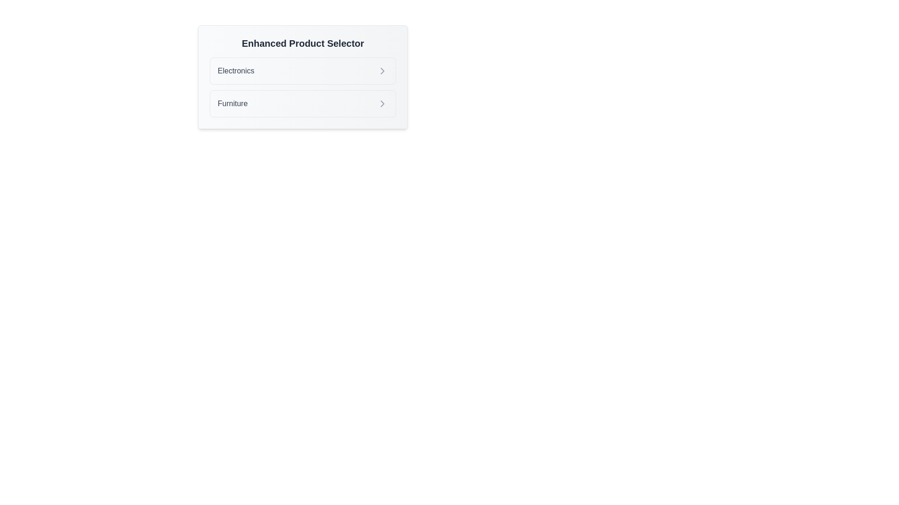  Describe the element at coordinates (303, 70) in the screenshot. I see `the first selectable category option labeled 'Electronics'` at that location.